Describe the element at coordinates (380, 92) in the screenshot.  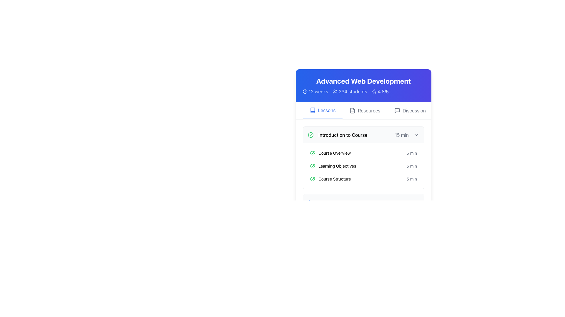
I see `the text element that summarizes the average rating of the course, which is located to the right of '234 students' and has a decorative star icon on its left` at that location.